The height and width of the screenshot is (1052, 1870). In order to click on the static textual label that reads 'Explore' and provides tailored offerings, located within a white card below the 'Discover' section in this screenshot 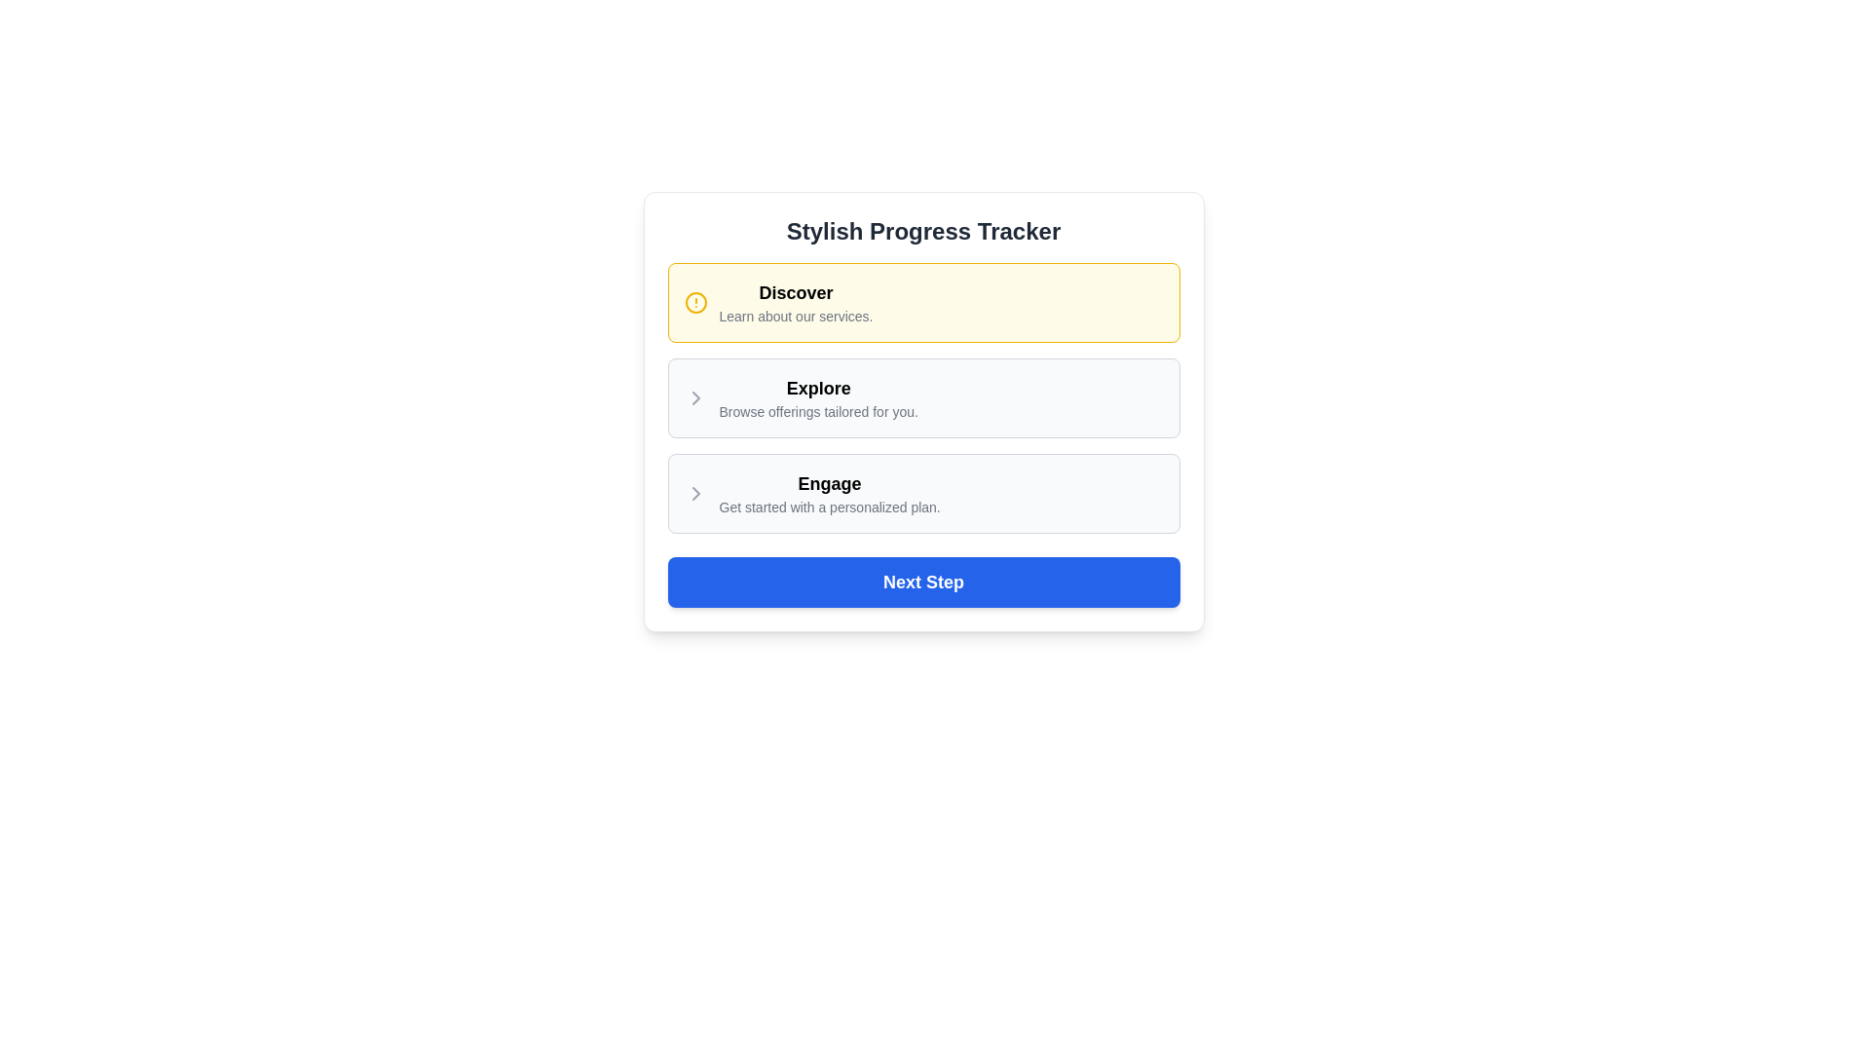, I will do `click(818, 396)`.